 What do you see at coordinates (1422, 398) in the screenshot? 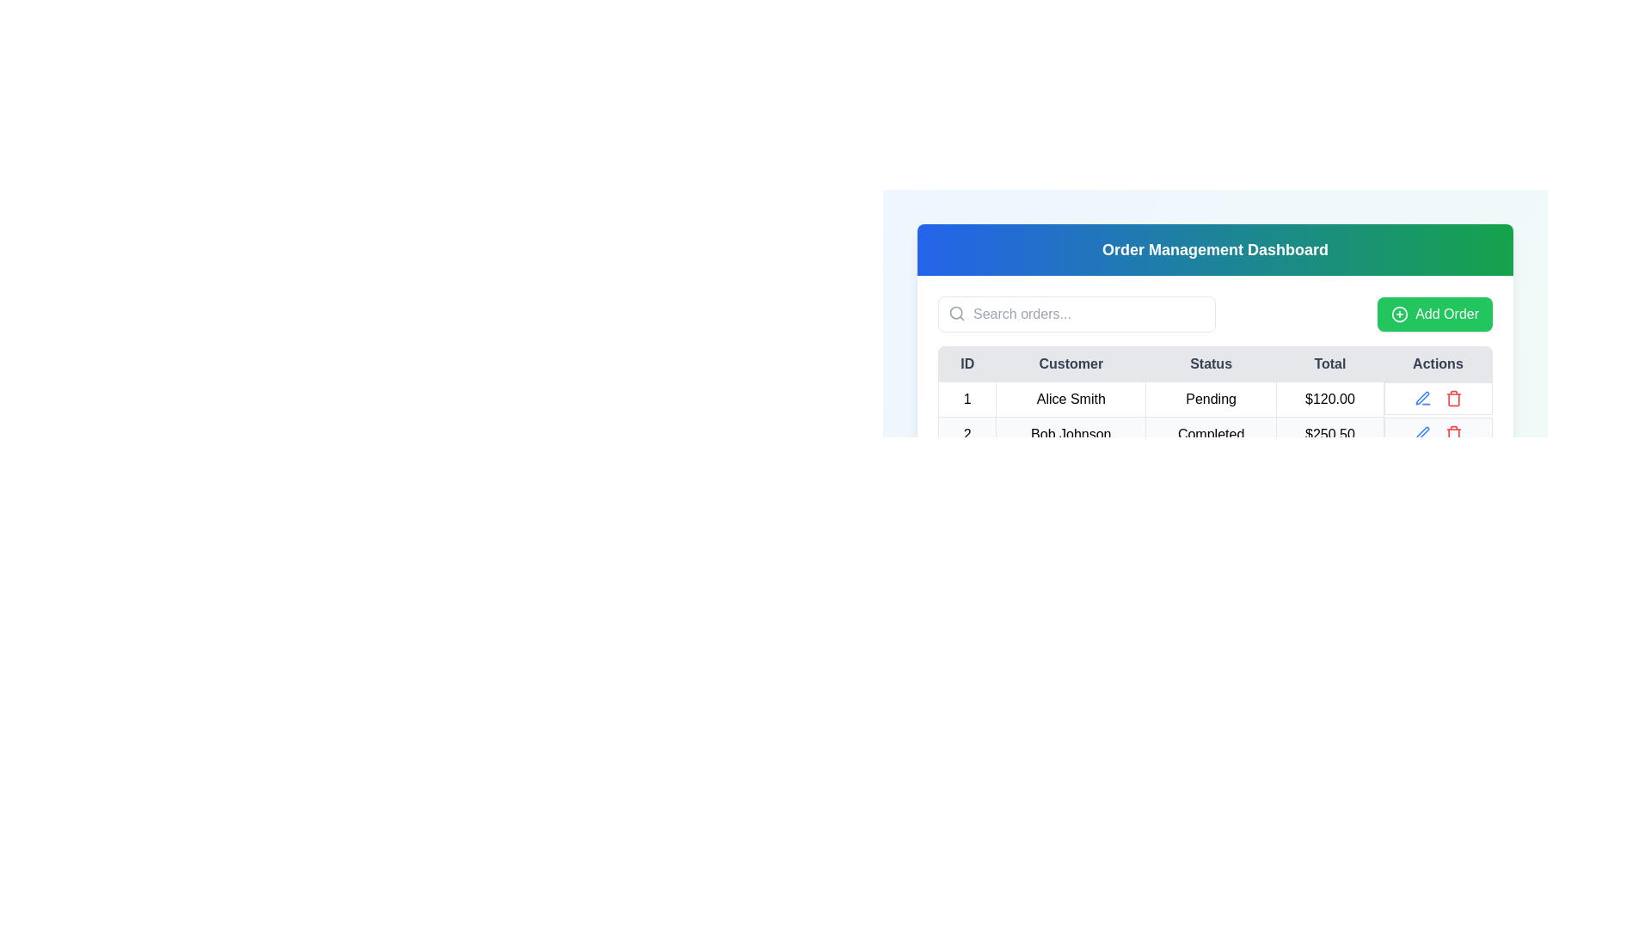
I see `the blue pen icon button located in the 'Actions' column of the table row` at bounding box center [1422, 398].